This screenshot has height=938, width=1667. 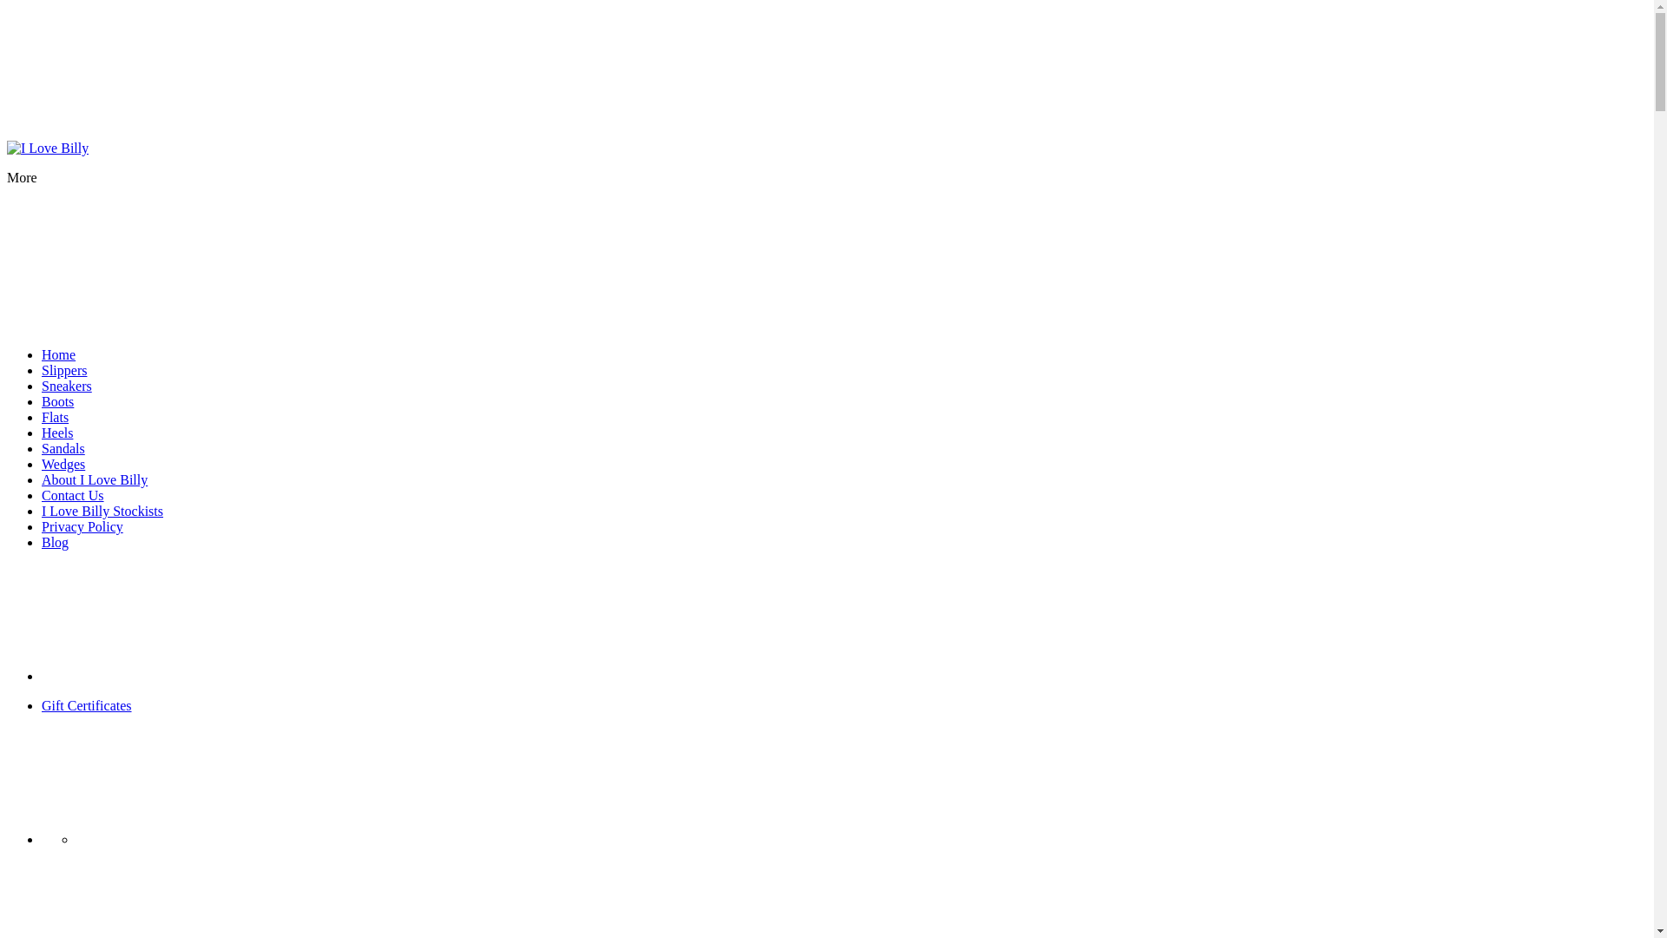 What do you see at coordinates (47, 147) in the screenshot?
I see `'I Love Billy'` at bounding box center [47, 147].